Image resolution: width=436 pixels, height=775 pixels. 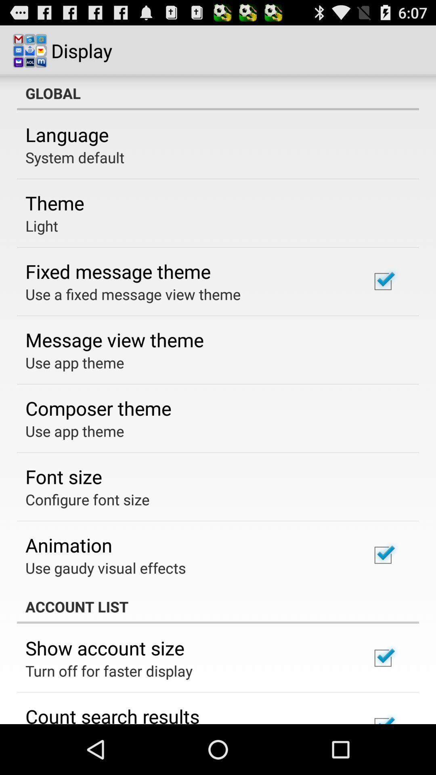 I want to click on icon above the theme, so click(x=75, y=157).